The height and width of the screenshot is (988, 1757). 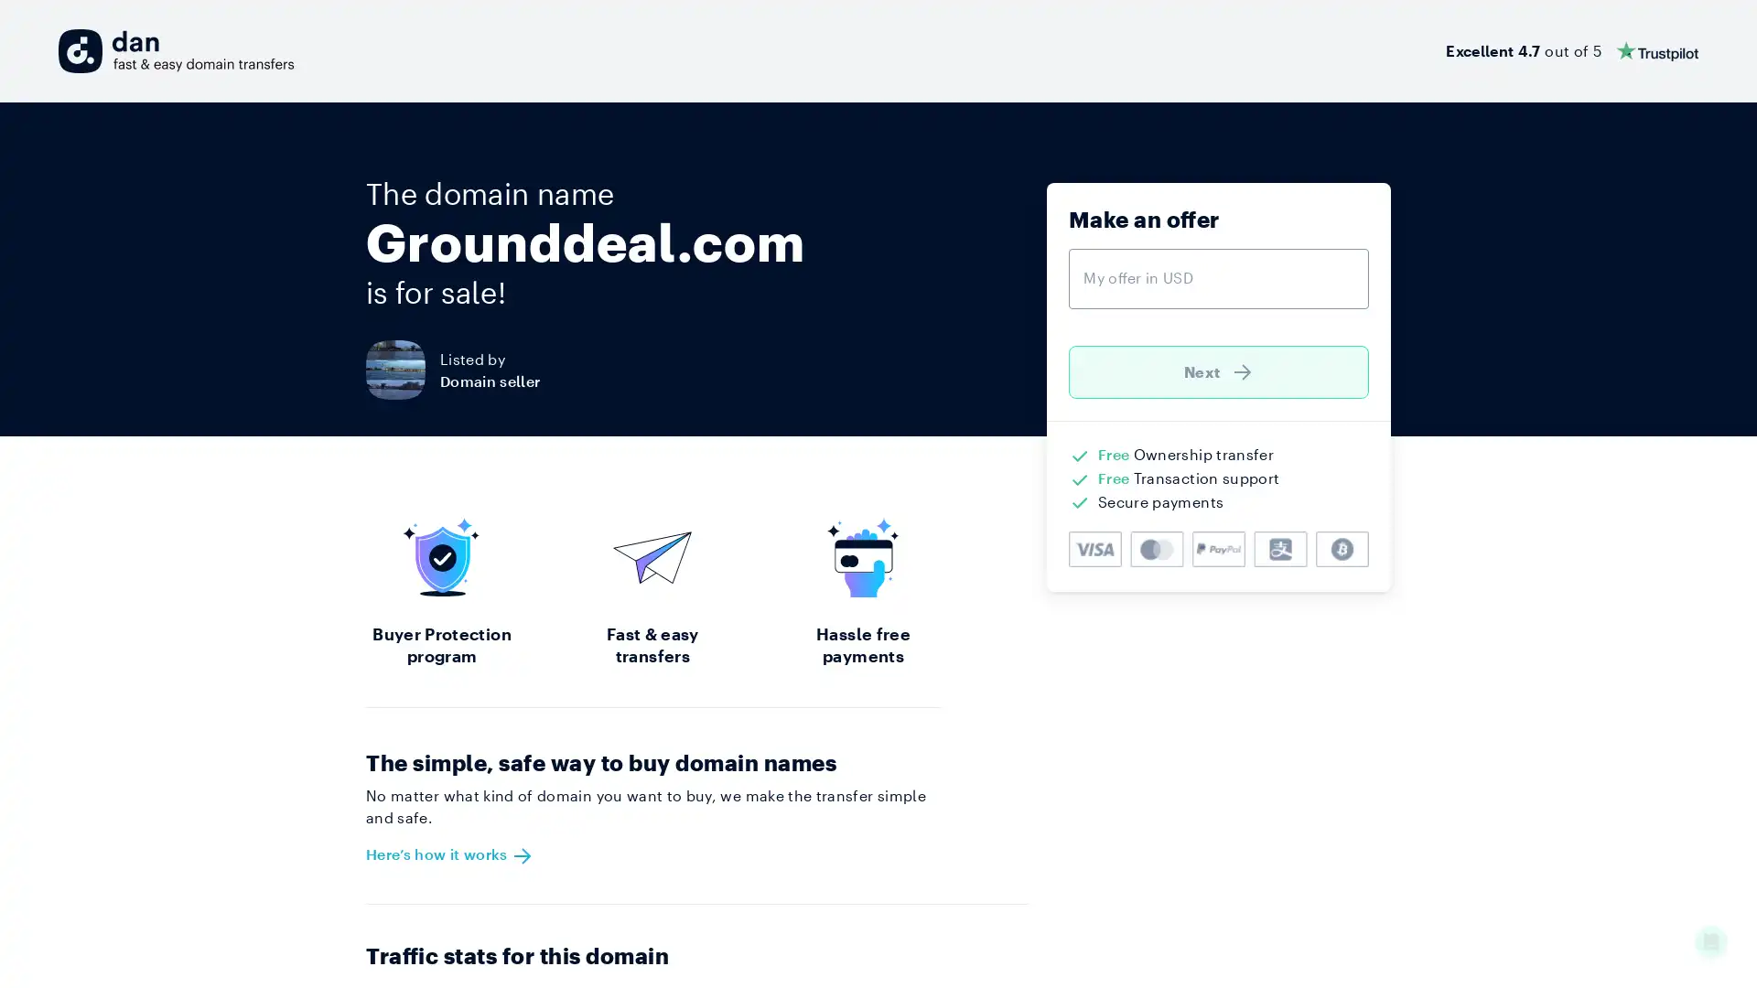 What do you see at coordinates (1710, 941) in the screenshot?
I see `Open Intercom Messenger` at bounding box center [1710, 941].